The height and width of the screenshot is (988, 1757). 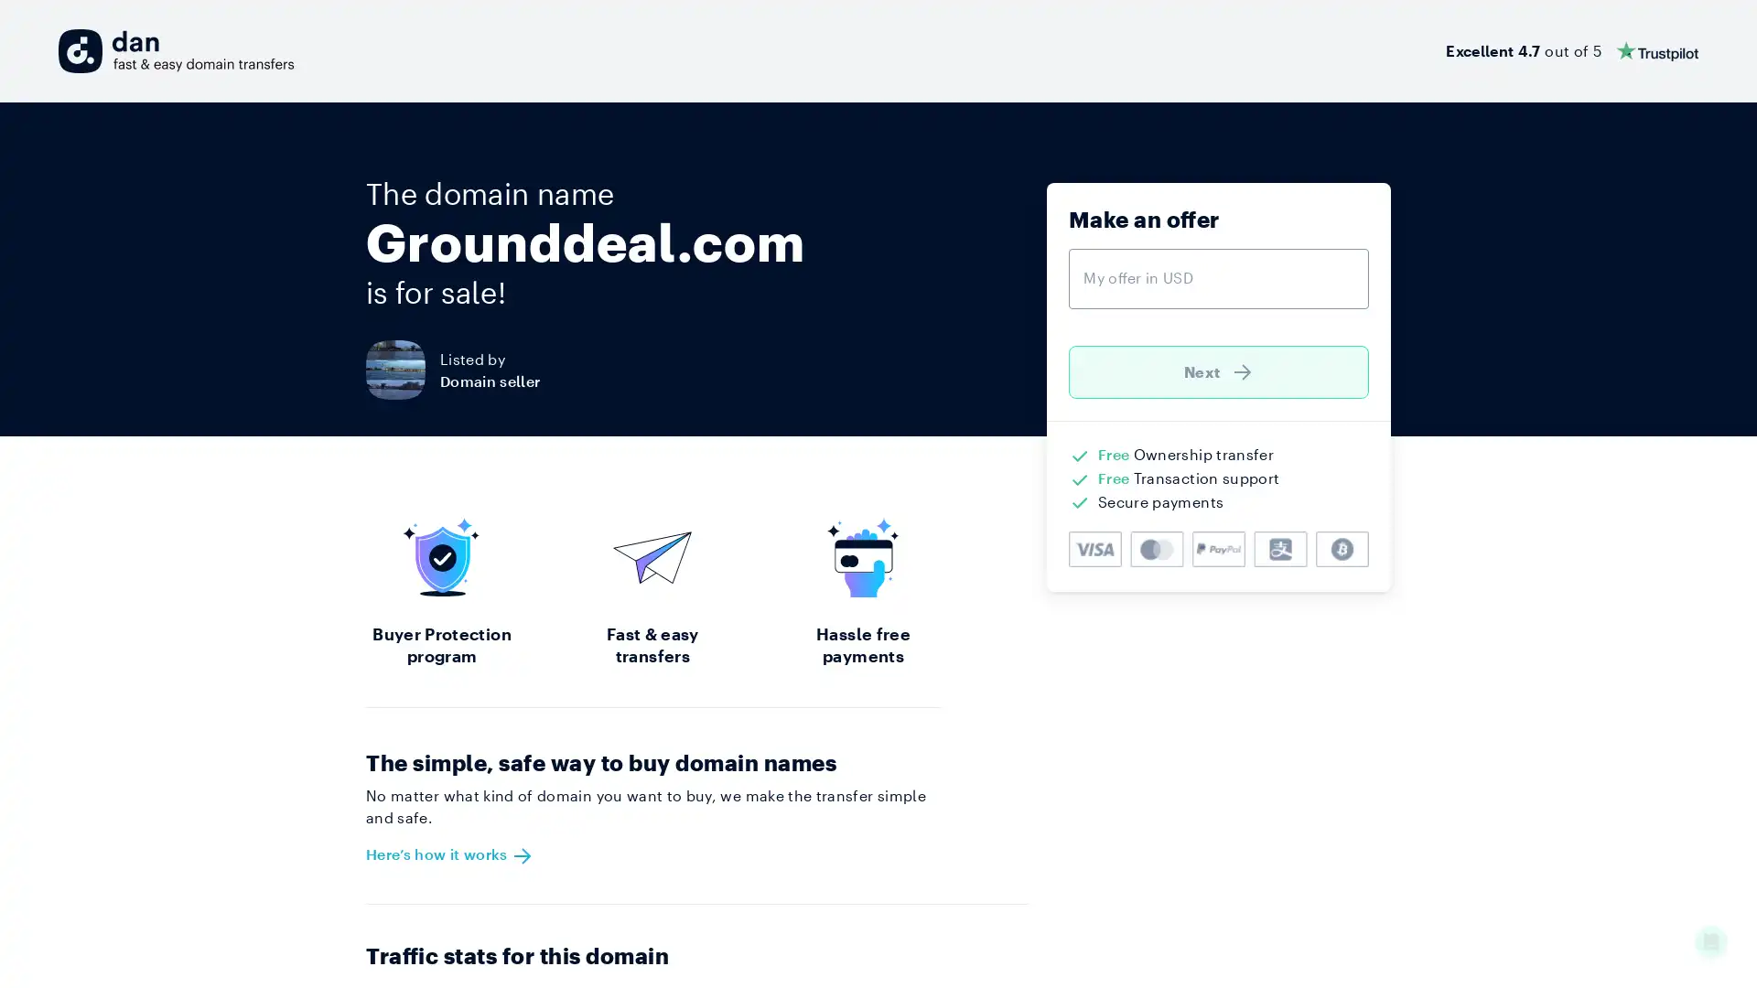 What do you see at coordinates (1710, 941) in the screenshot?
I see `Open Intercom Messenger` at bounding box center [1710, 941].